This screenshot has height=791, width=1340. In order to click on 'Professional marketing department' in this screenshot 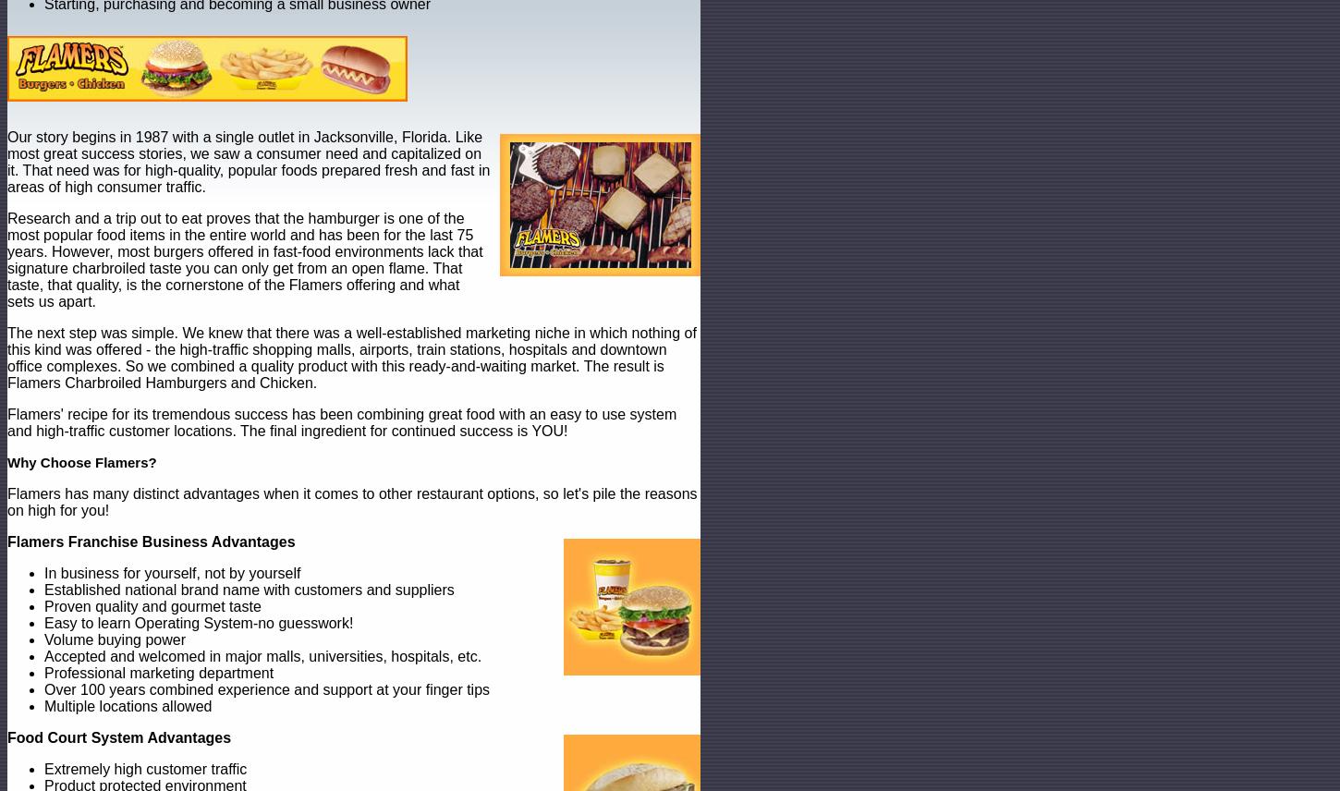, I will do `click(157, 673)`.